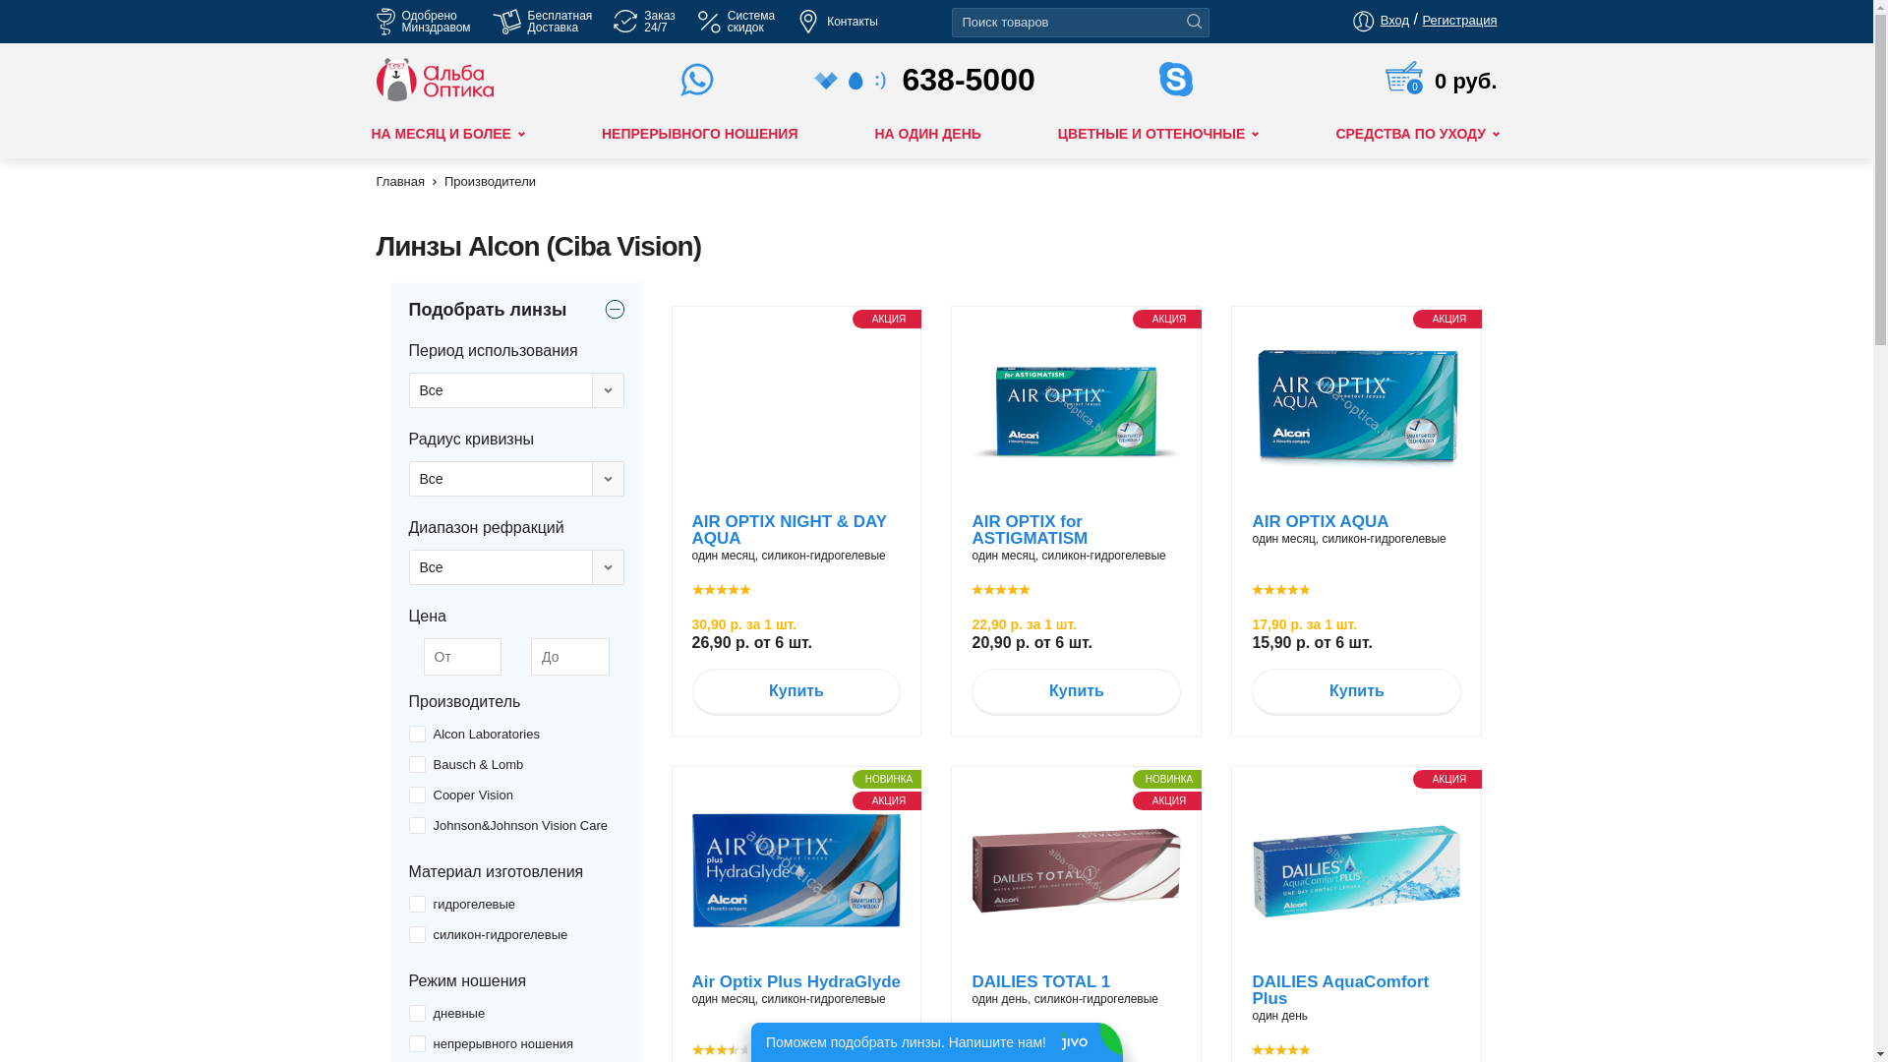 The height and width of the screenshot is (1062, 1888). Describe the element at coordinates (936, 79) in the screenshot. I see `'638-5000'` at that location.